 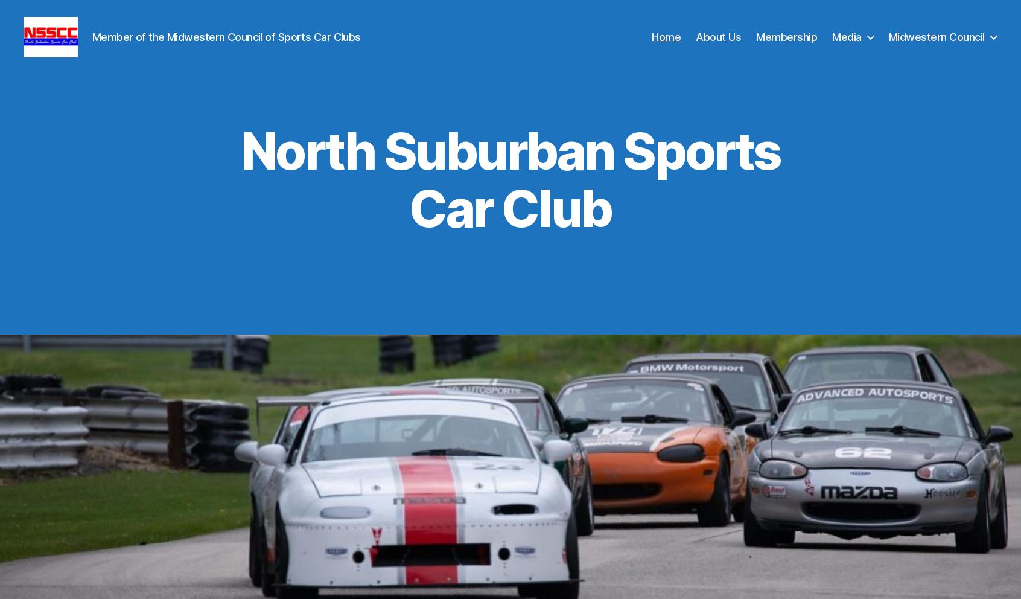 What do you see at coordinates (609, 231) in the screenshot?
I see `'.'` at bounding box center [609, 231].